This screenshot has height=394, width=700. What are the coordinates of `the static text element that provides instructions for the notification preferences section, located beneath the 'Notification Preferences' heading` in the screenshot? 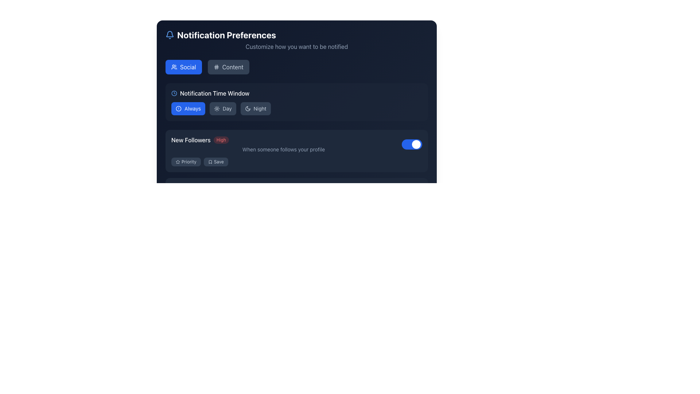 It's located at (297, 46).